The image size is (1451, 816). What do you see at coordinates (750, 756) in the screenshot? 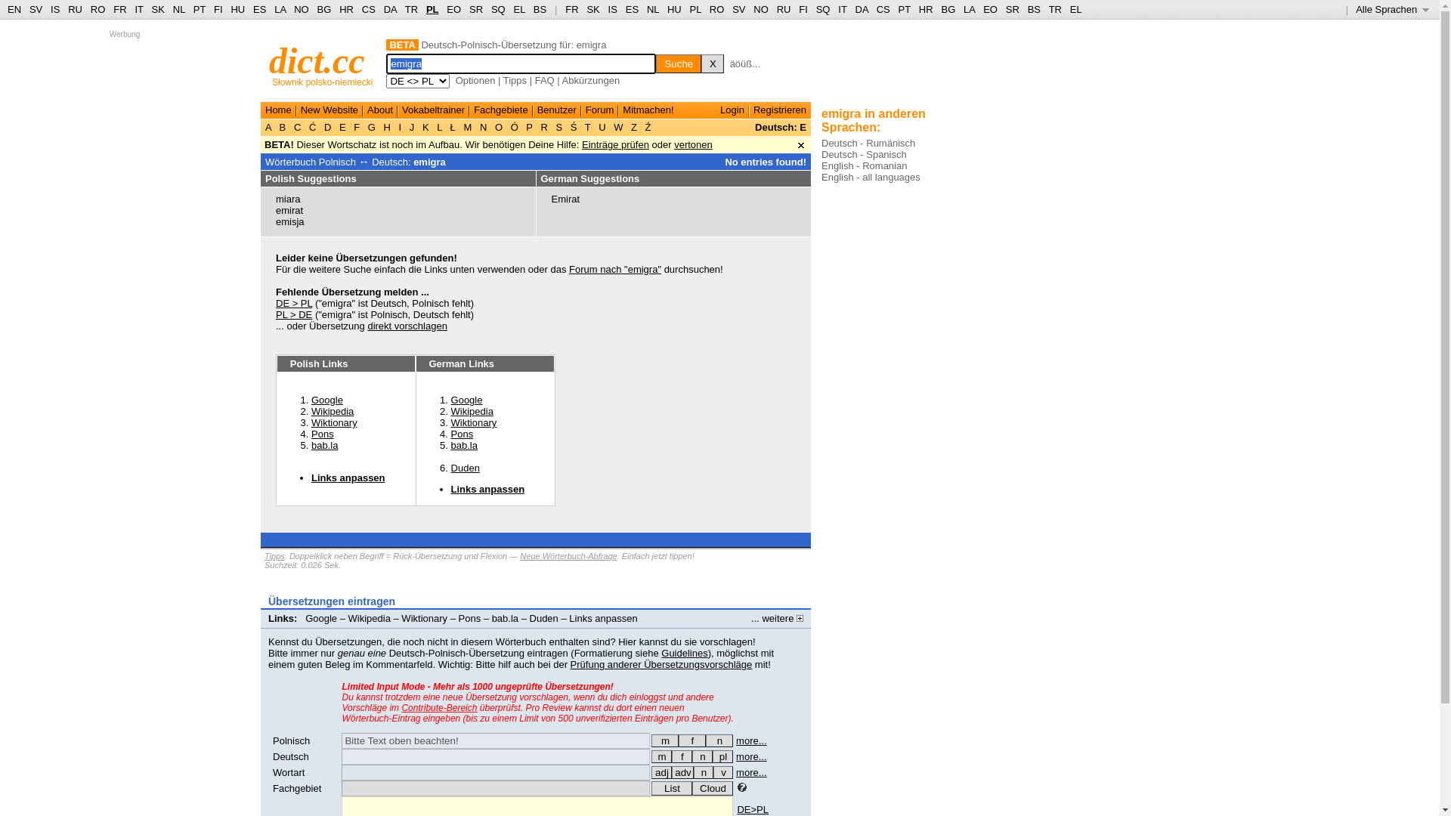
I see `'more...'` at bounding box center [750, 756].